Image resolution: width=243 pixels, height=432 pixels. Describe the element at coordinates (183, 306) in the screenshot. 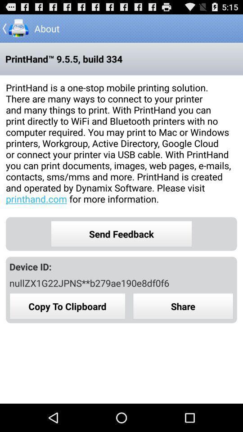

I see `the icon to the right of the copy to clipboard item` at that location.